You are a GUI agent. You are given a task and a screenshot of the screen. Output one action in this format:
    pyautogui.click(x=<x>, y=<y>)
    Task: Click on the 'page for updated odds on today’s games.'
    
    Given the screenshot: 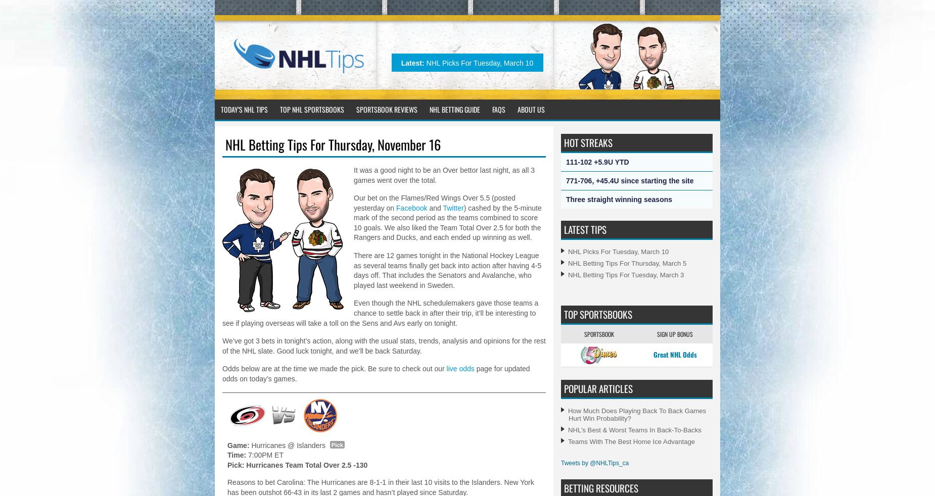 What is the action you would take?
    pyautogui.click(x=376, y=374)
    